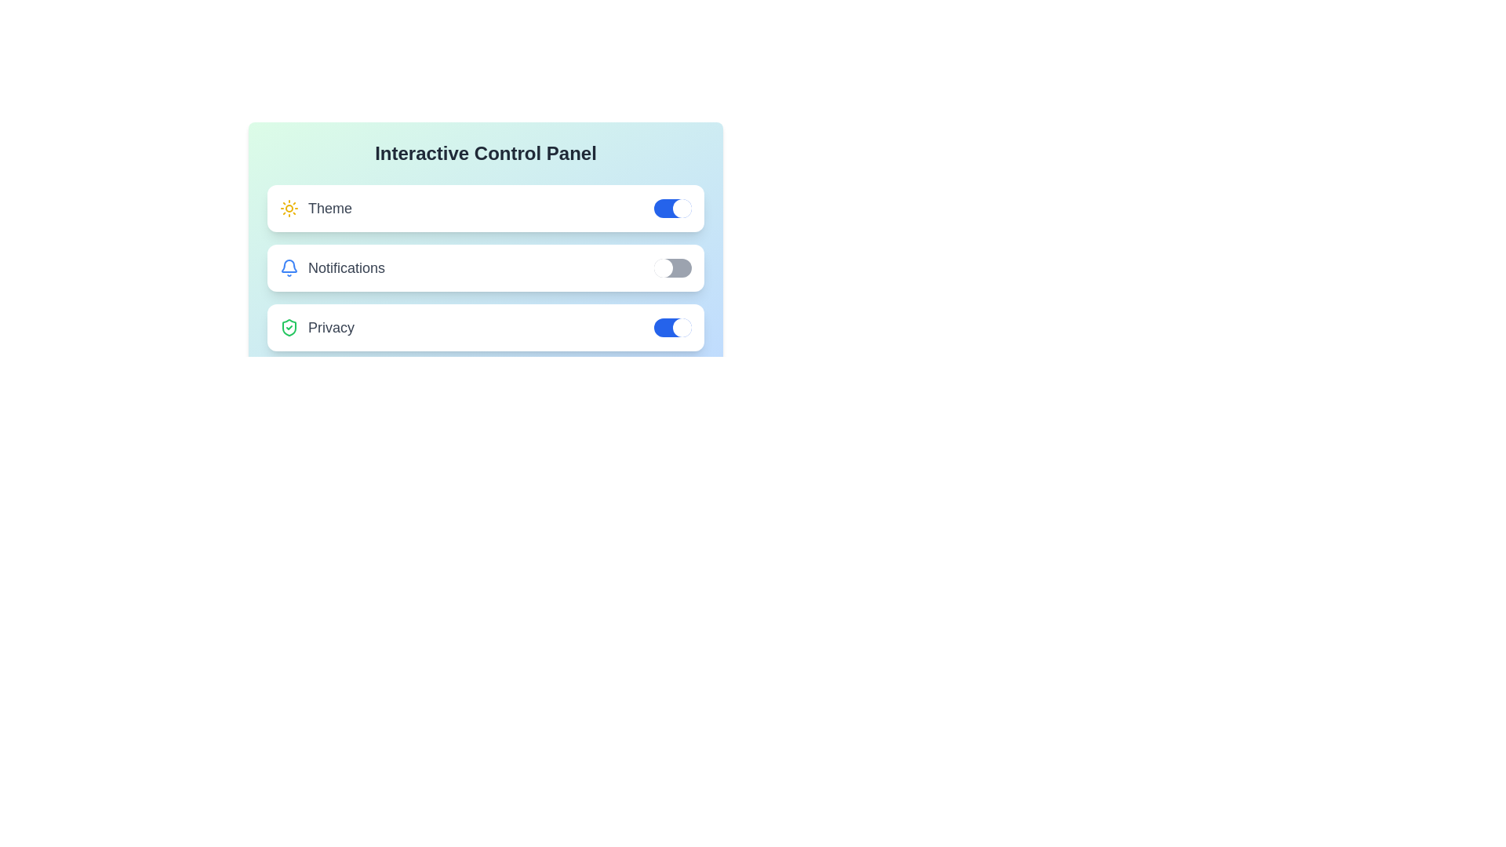 The width and height of the screenshot is (1506, 847). Describe the element at coordinates (673, 326) in the screenshot. I see `the Privacy switch to toggle its state` at that location.